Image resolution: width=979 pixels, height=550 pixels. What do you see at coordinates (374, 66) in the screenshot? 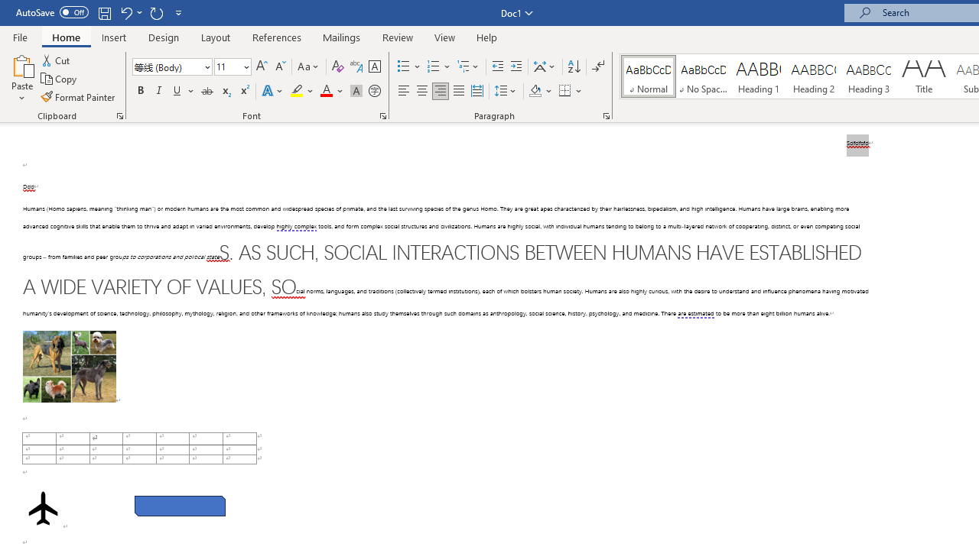
I see `'Character Border'` at bounding box center [374, 66].